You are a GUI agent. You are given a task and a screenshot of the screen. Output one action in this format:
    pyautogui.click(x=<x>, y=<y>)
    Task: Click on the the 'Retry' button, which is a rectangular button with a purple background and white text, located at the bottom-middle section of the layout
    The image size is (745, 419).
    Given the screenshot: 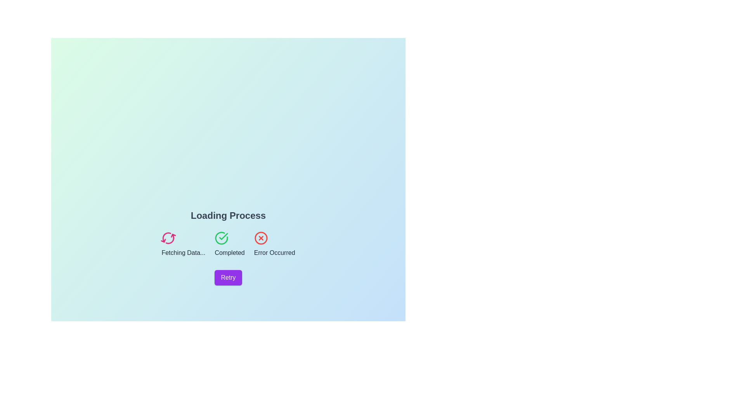 What is the action you would take?
    pyautogui.click(x=228, y=277)
    